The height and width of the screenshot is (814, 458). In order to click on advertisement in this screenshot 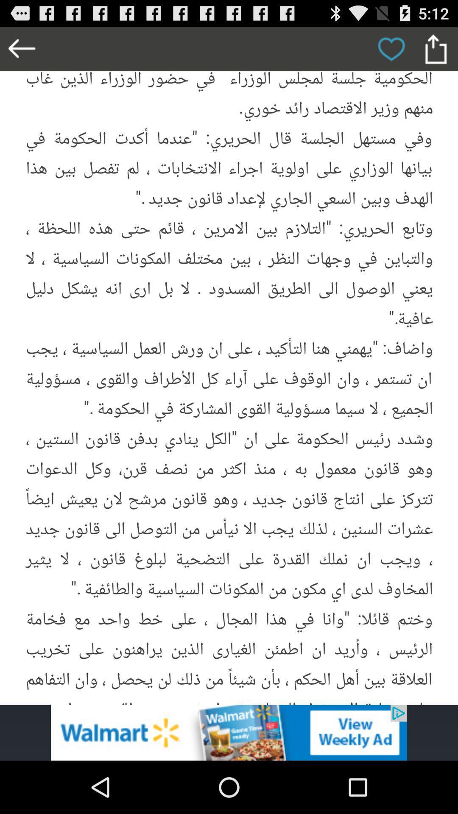, I will do `click(229, 732)`.